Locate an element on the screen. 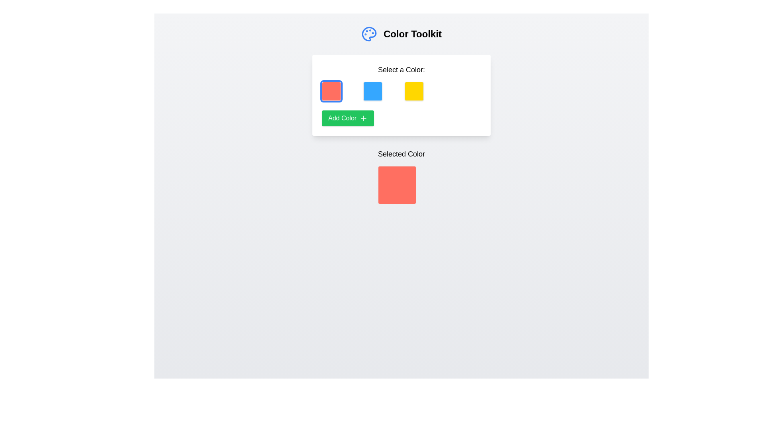 Image resolution: width=764 pixels, height=429 pixels. header element indicating the purpose of the application as a toolkit for managing or selecting colors, located at the top of the interface with text and an icon is located at coordinates (401, 33).